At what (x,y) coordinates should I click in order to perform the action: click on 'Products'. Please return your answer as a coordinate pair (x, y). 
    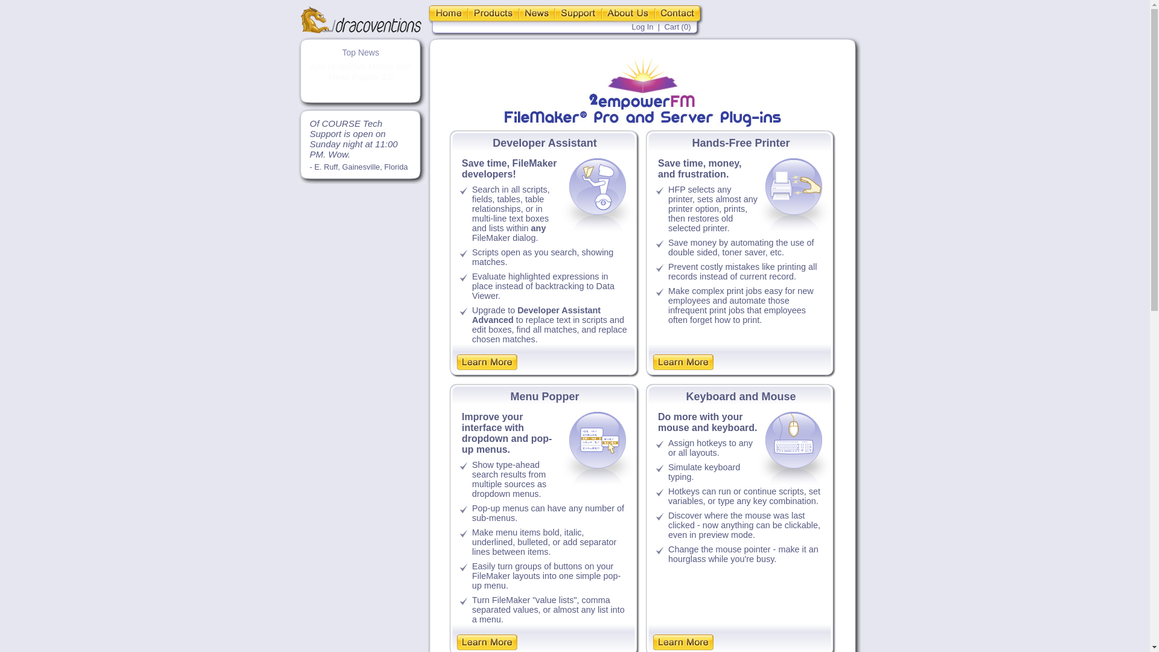
    Looking at the image, I should click on (493, 13).